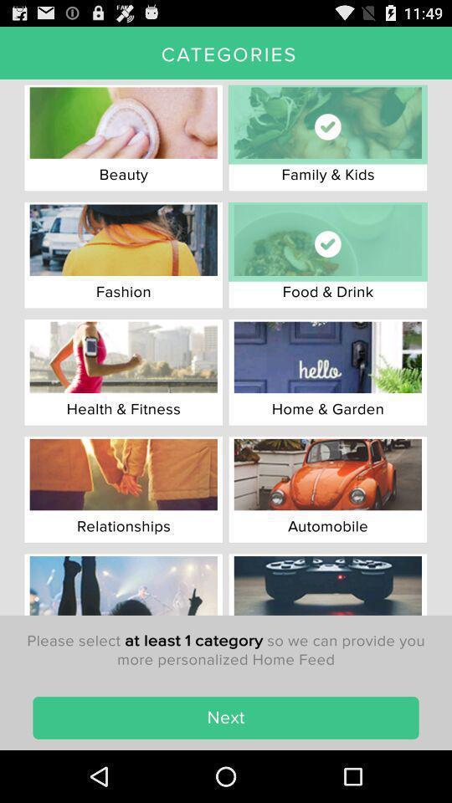  Describe the element at coordinates (226, 717) in the screenshot. I see `the icon below the please select at item` at that location.